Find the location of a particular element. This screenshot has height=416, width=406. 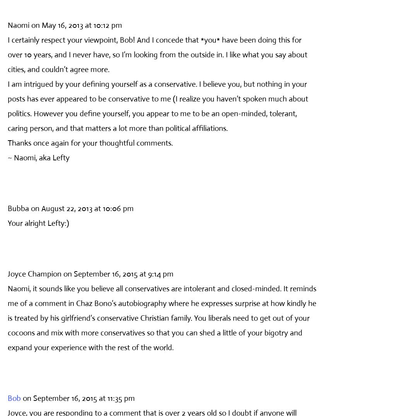

'Bob' is located at coordinates (14, 398).